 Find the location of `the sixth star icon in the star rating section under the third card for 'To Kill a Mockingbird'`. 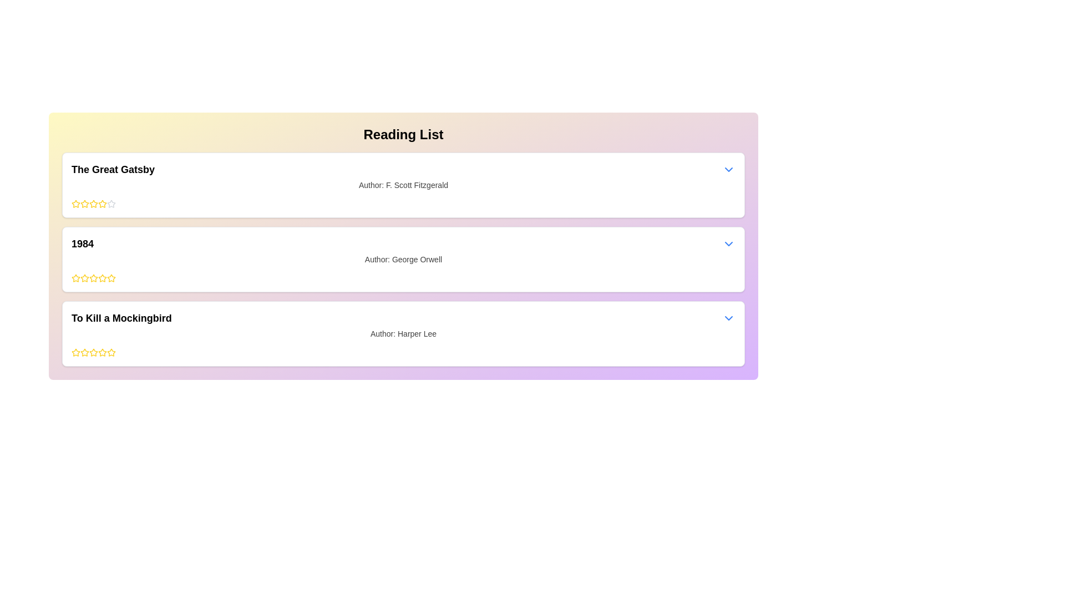

the sixth star icon in the star rating section under the third card for 'To Kill a Mockingbird' is located at coordinates (103, 353).